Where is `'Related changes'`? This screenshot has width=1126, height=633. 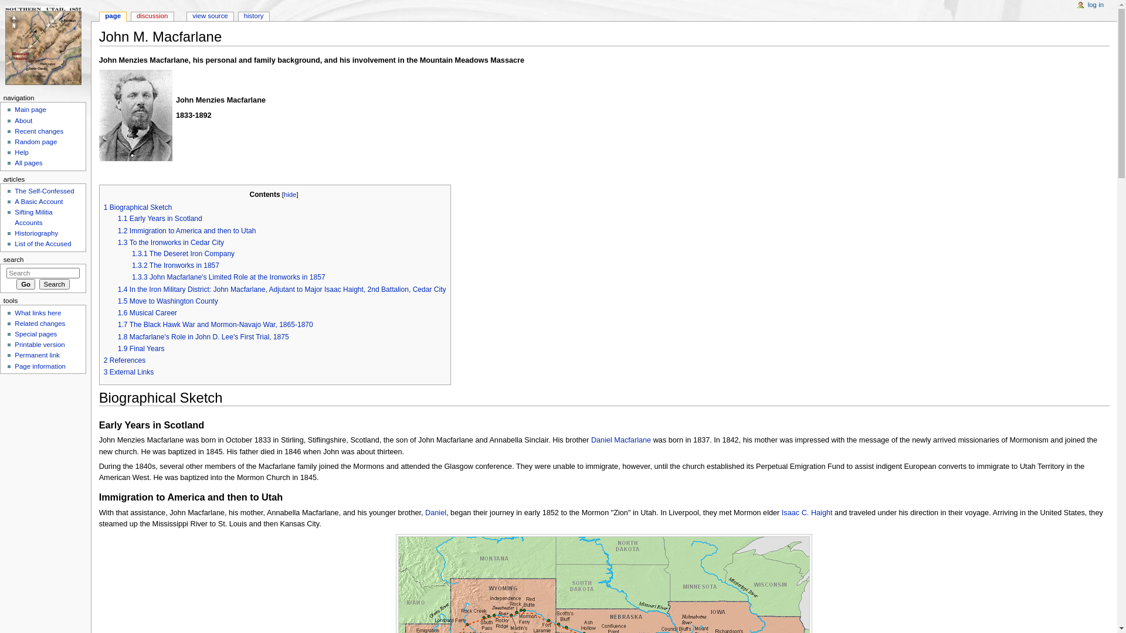 'Related changes' is located at coordinates (14, 323).